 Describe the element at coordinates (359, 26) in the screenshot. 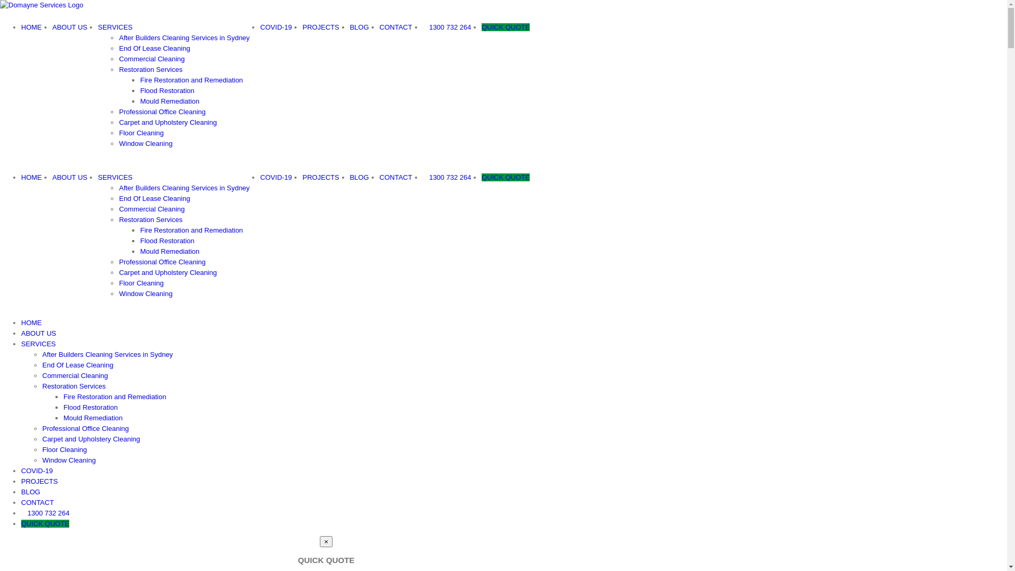

I see `'BLOG'` at that location.